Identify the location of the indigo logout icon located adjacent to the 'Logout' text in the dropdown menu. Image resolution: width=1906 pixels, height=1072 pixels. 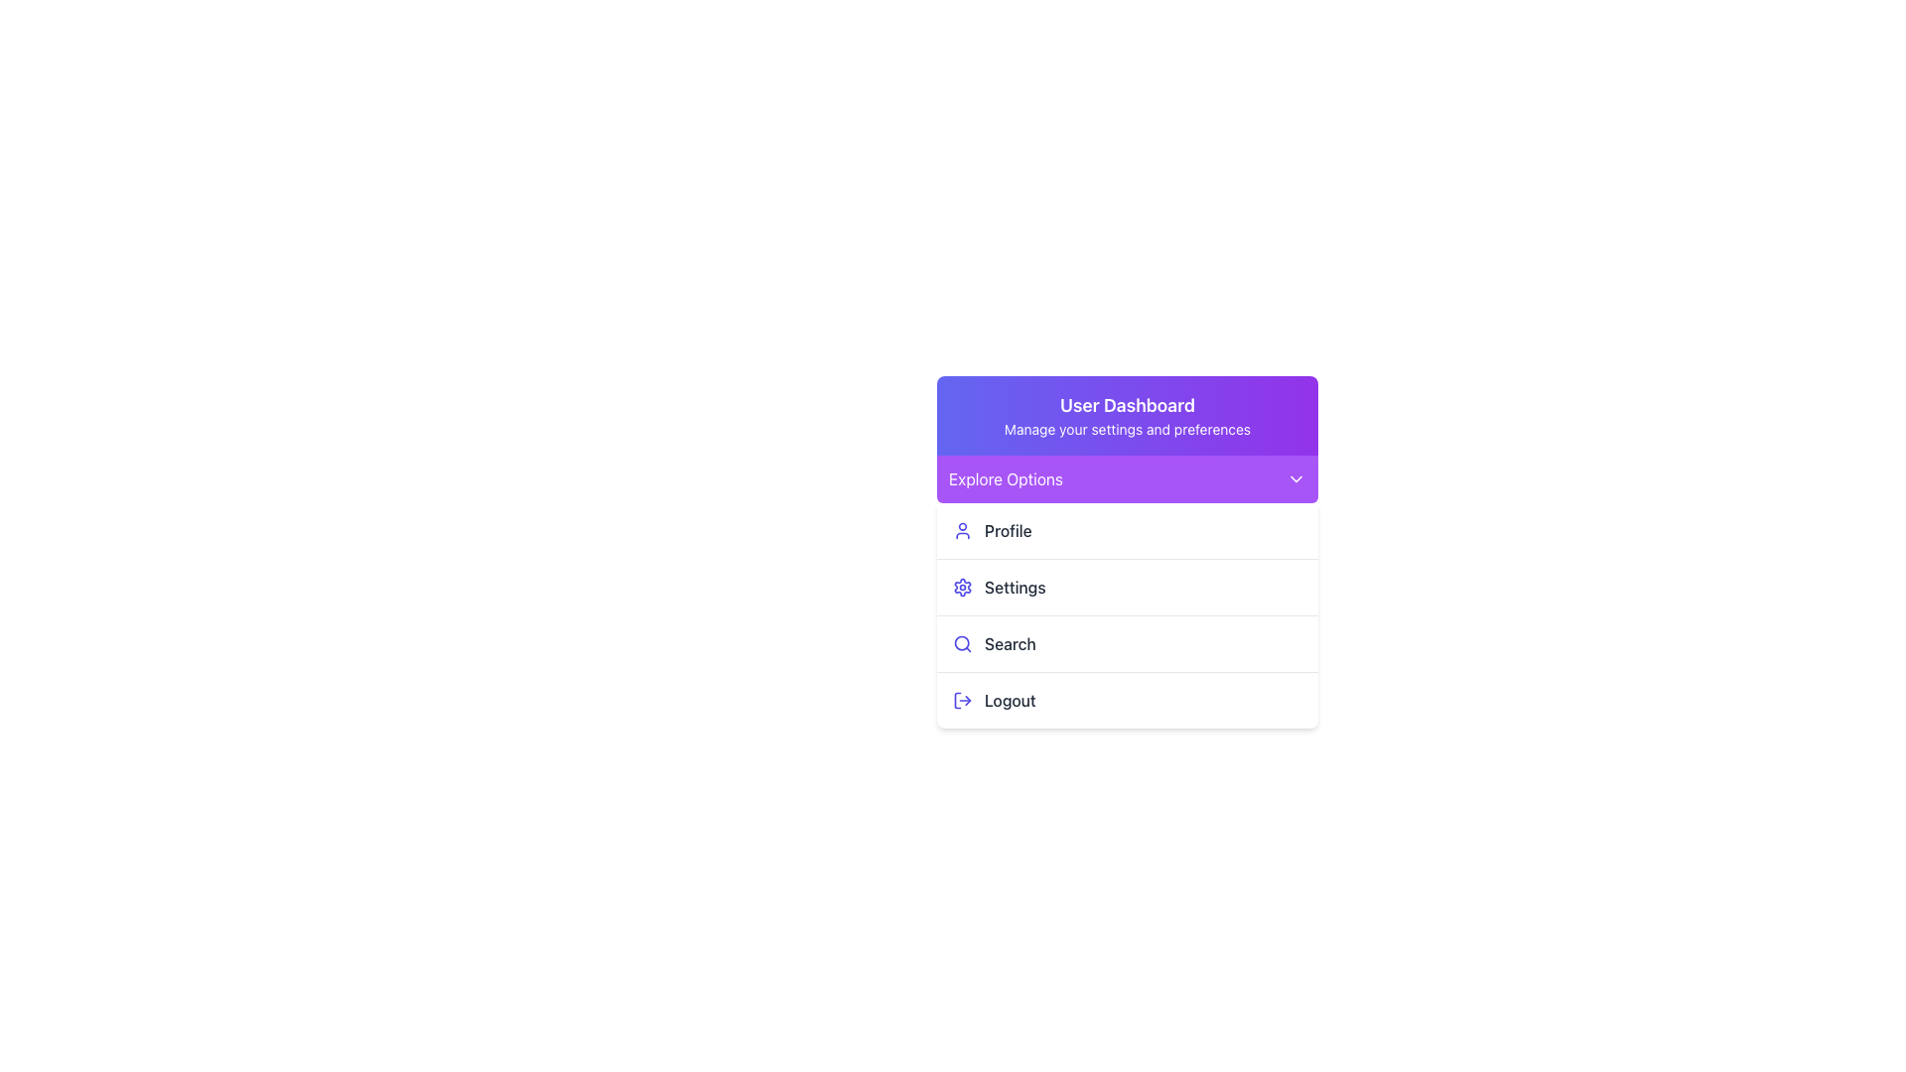
(962, 699).